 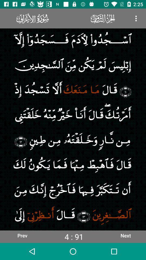 What do you see at coordinates (22, 235) in the screenshot?
I see `the prev item` at bounding box center [22, 235].